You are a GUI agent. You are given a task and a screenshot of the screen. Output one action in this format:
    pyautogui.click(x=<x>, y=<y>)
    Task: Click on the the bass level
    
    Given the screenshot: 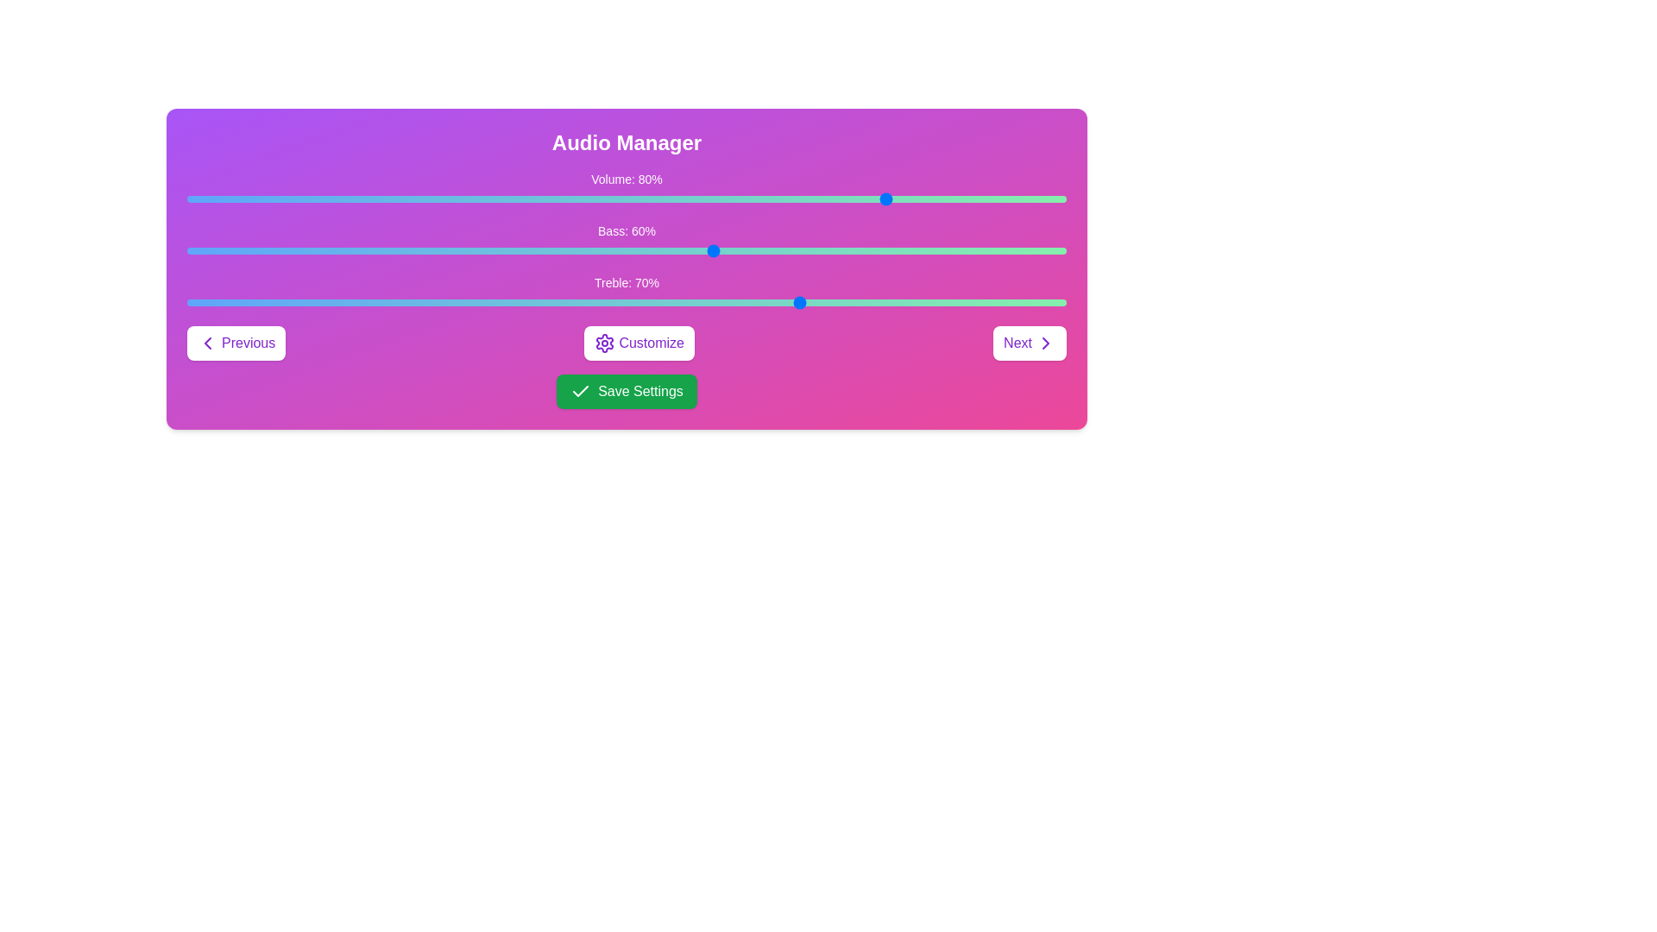 What is the action you would take?
    pyautogui.click(x=459, y=250)
    